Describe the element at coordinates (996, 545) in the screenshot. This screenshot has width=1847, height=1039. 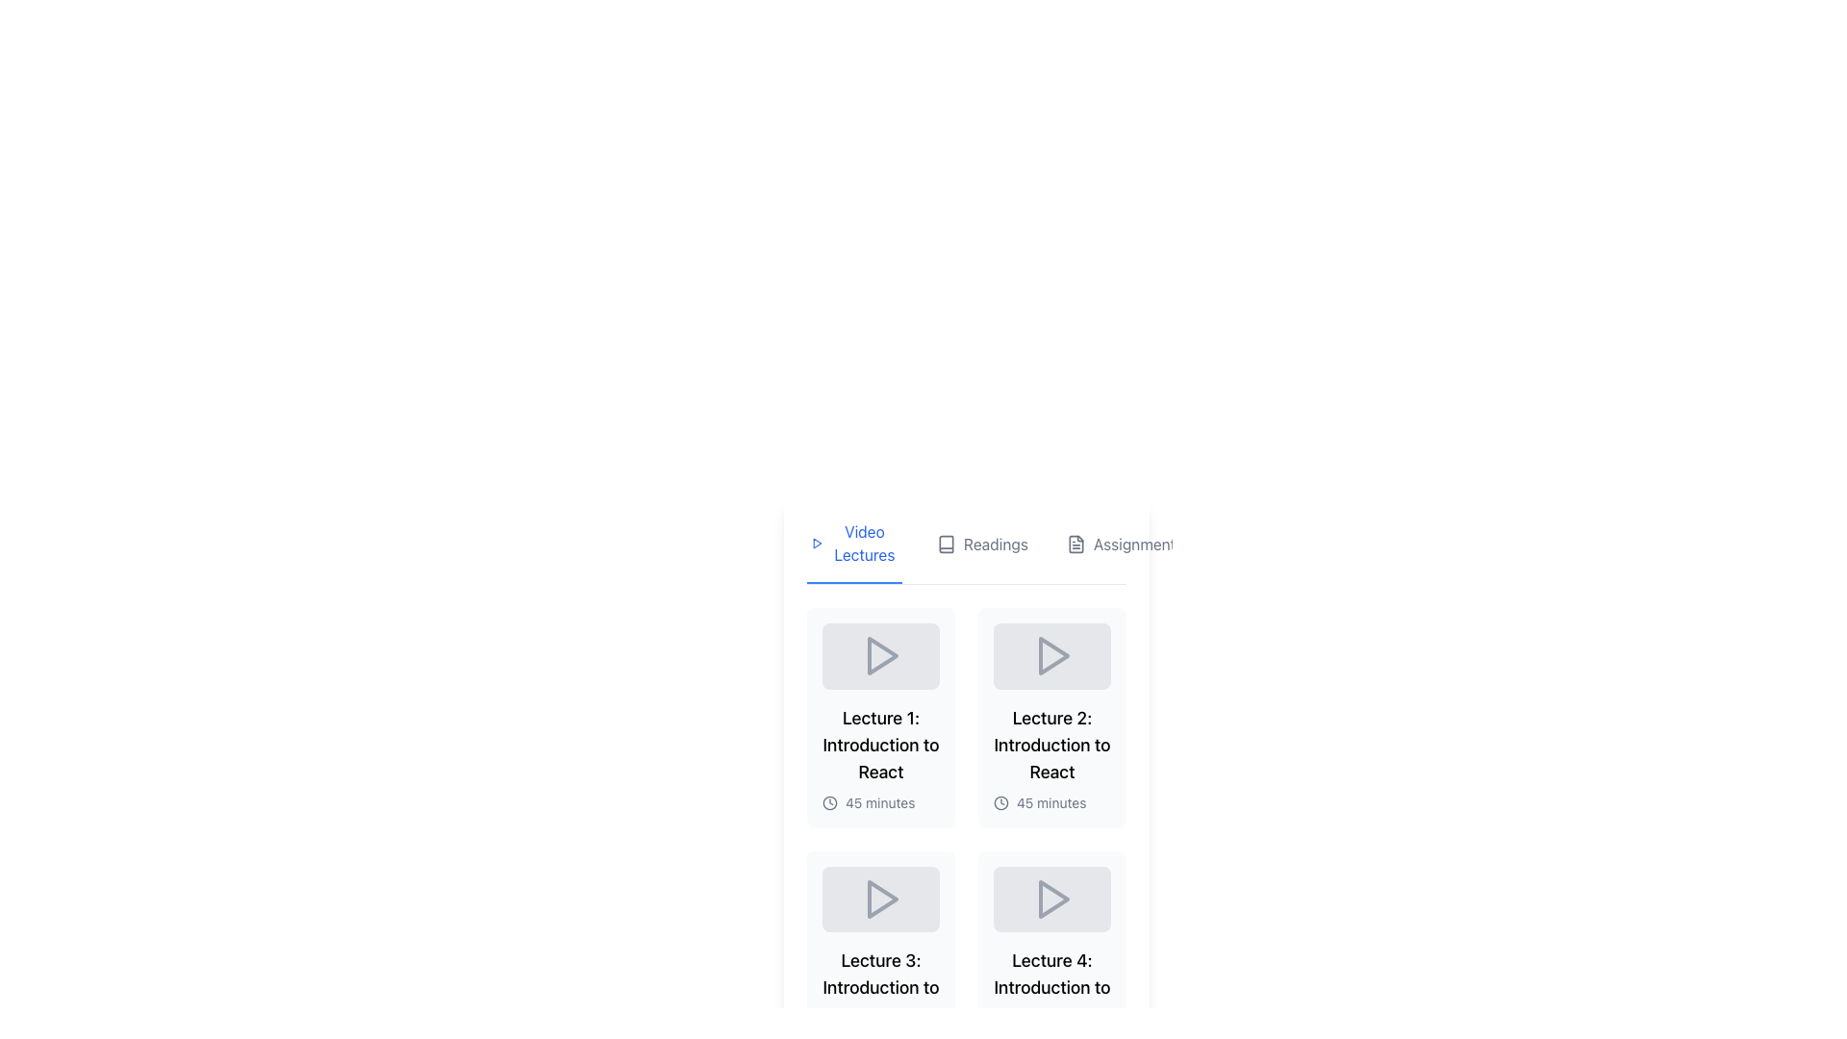
I see `keyboard navigation` at that location.